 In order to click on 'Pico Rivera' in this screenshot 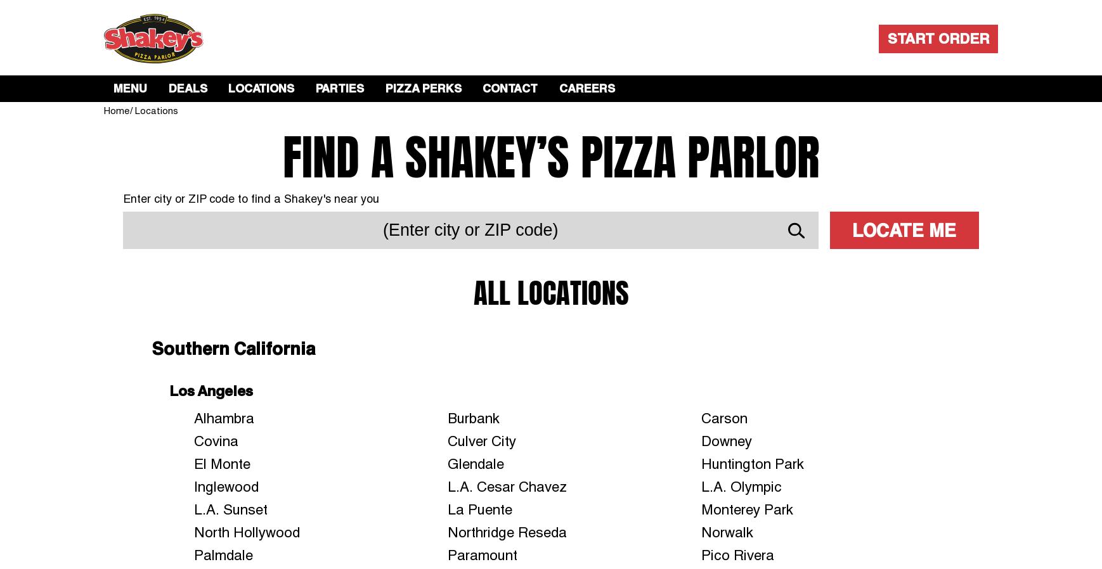, I will do `click(701, 554)`.